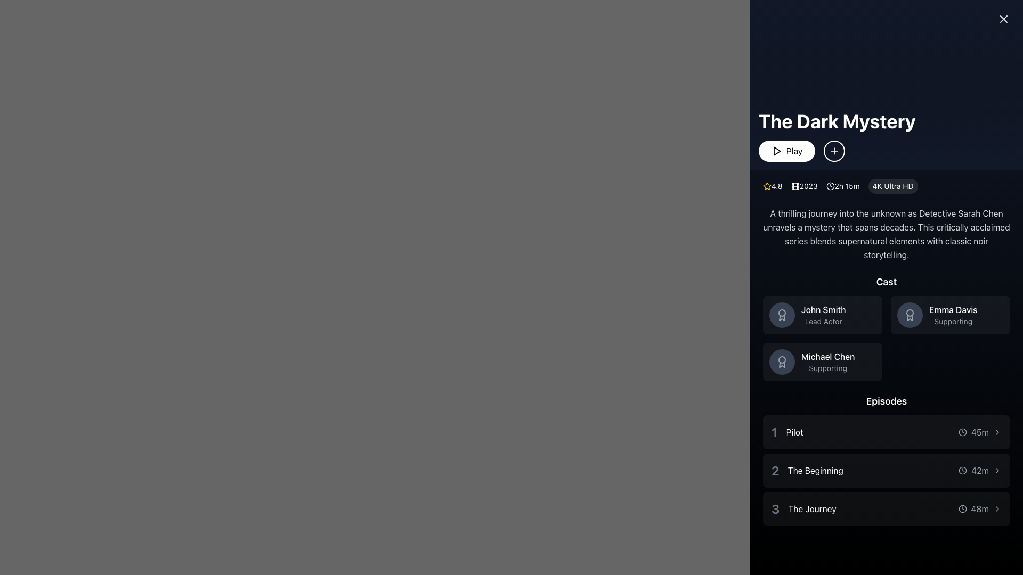  What do you see at coordinates (893, 186) in the screenshot?
I see `the Text Badge that indicates the availability of media content in 4K Ultra HD resolution, which is the last element in the horizontal group of descriptors under the title and buttons` at bounding box center [893, 186].